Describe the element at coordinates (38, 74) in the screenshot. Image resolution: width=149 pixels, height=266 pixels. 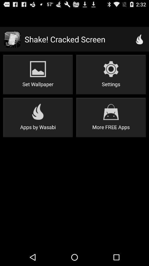
I see `item to the left of settings item` at that location.